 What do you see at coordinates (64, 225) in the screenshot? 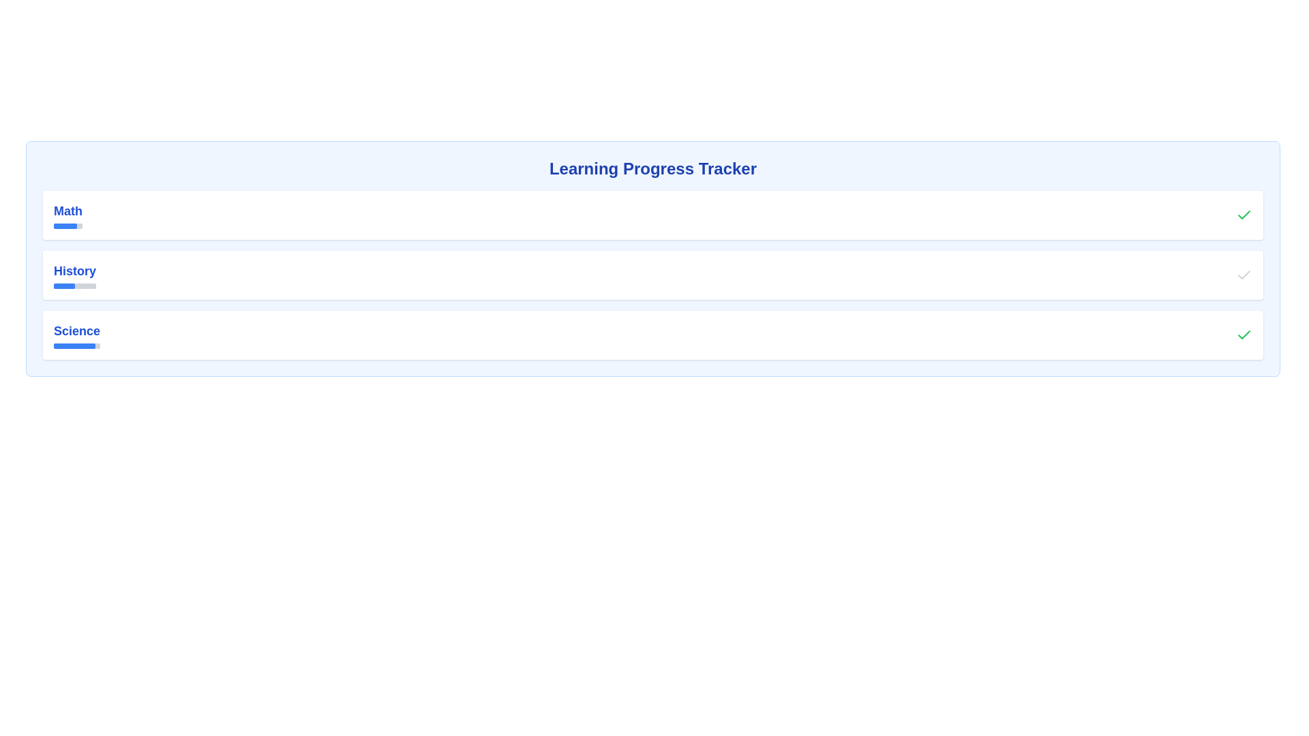
I see `the progress bar that visually represents 80% completion for the subject 'Math' in the progress tracker` at bounding box center [64, 225].